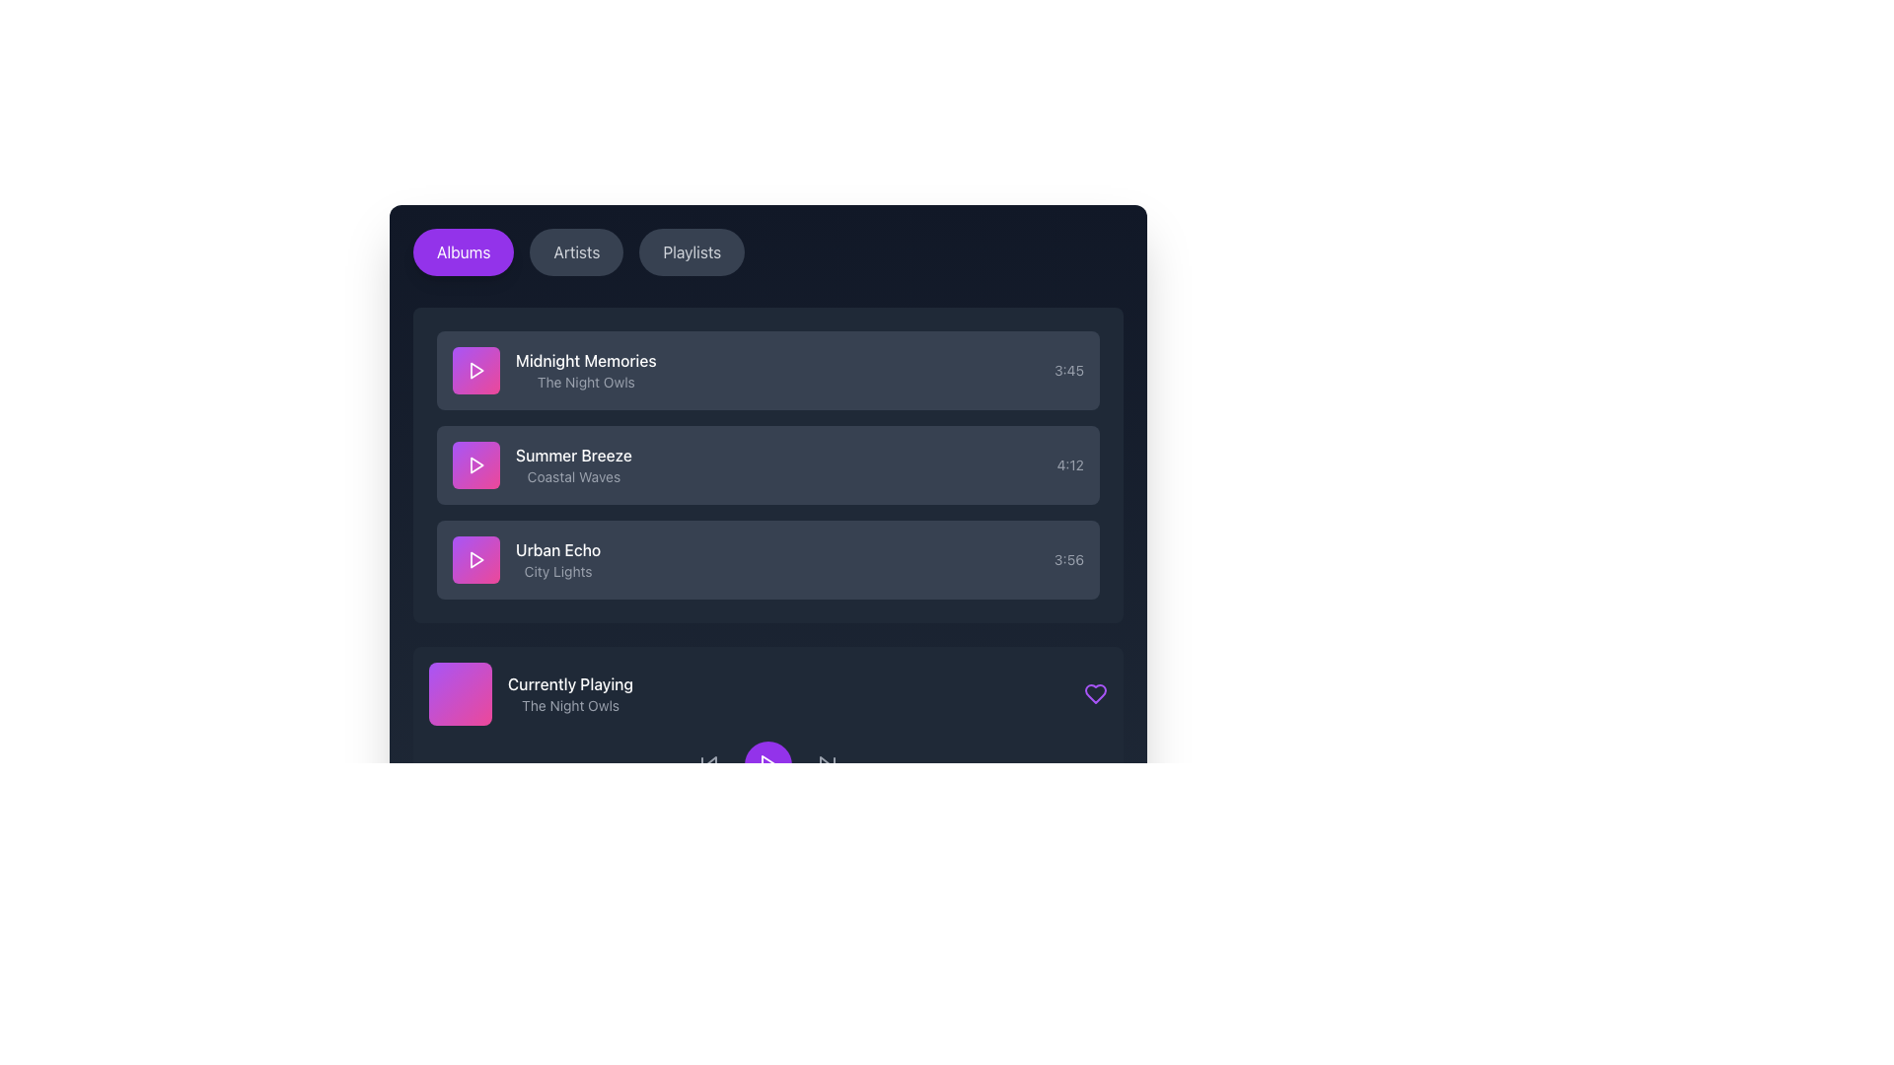  Describe the element at coordinates (557, 559) in the screenshot. I see `the text block containing 'Urban Echo' and 'City Lights'` at that location.